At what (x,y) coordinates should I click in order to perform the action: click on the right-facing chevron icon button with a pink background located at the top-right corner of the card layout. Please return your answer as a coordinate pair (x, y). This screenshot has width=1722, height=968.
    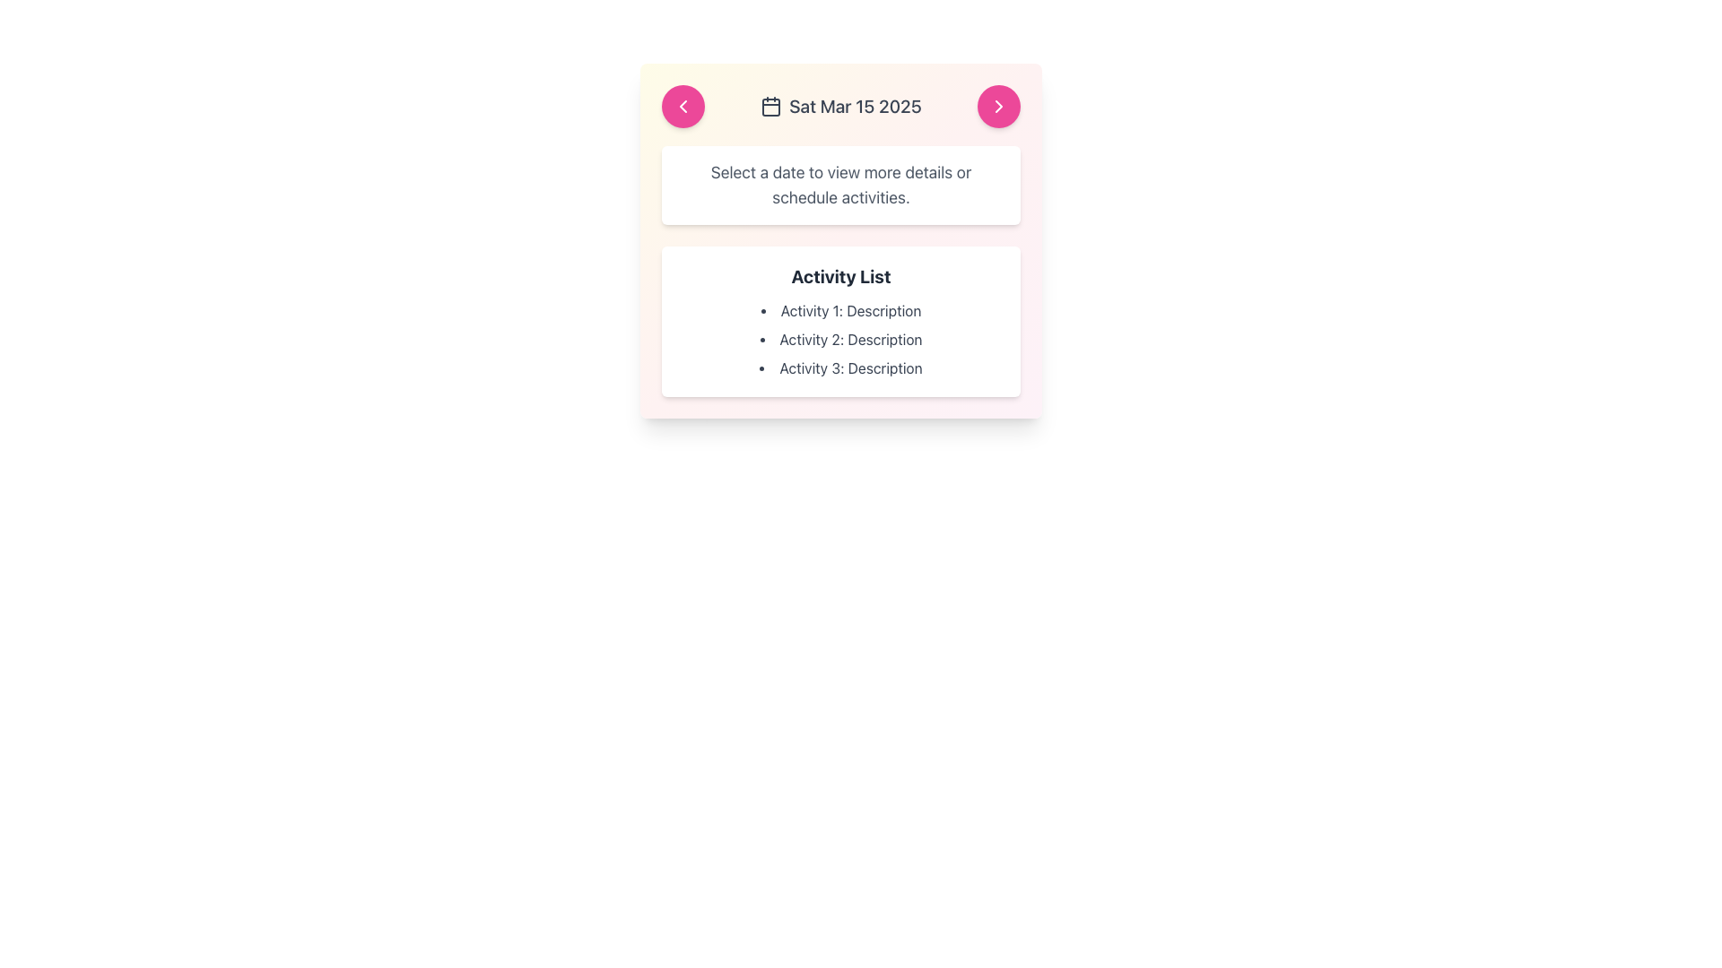
    Looking at the image, I should click on (997, 107).